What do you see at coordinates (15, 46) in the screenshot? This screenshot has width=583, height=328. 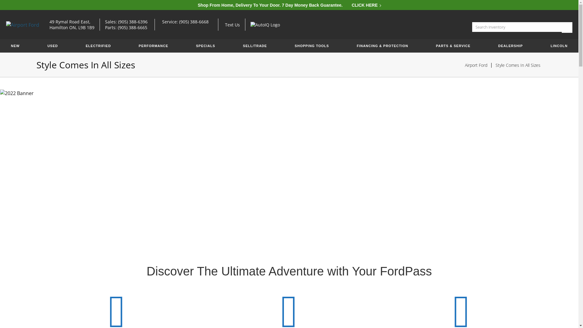 I see `'NEW'` at bounding box center [15, 46].